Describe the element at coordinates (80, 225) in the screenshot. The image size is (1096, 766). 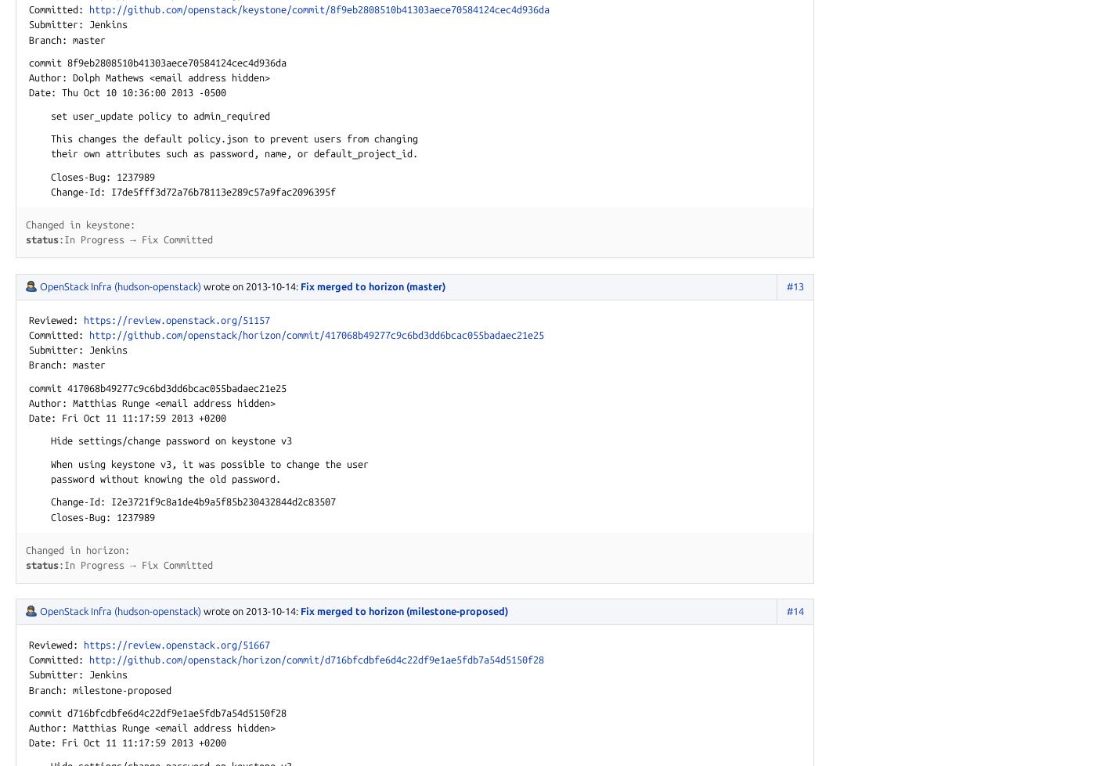
I see `'Changed in keystone:'` at that location.